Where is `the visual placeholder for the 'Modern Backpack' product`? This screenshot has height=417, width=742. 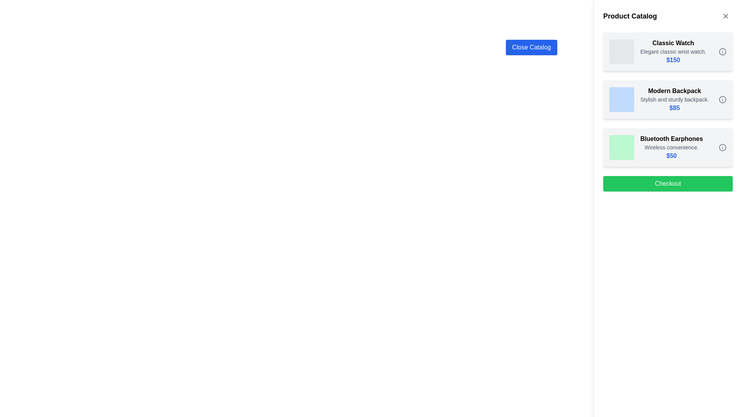 the visual placeholder for the 'Modern Backpack' product is located at coordinates (621, 99).